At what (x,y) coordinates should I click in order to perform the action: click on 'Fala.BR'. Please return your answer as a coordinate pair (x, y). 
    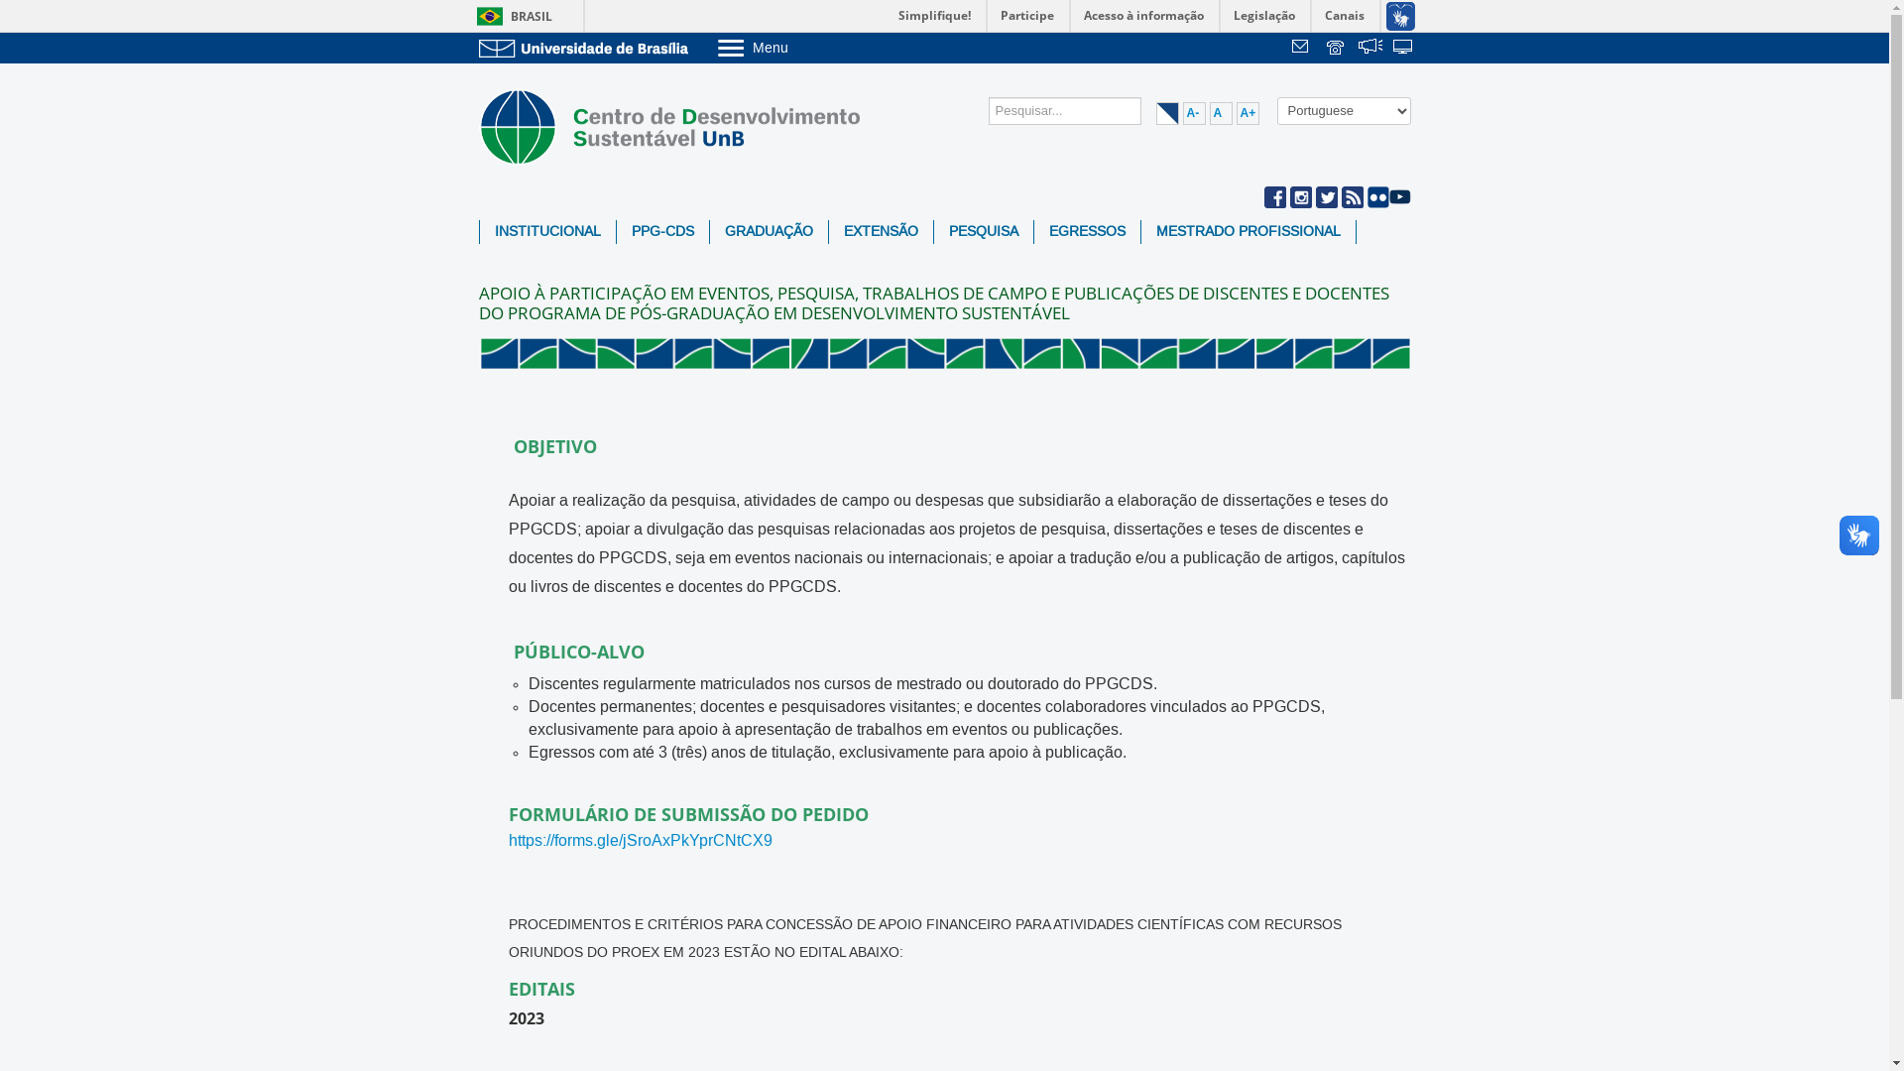
    Looking at the image, I should click on (1357, 48).